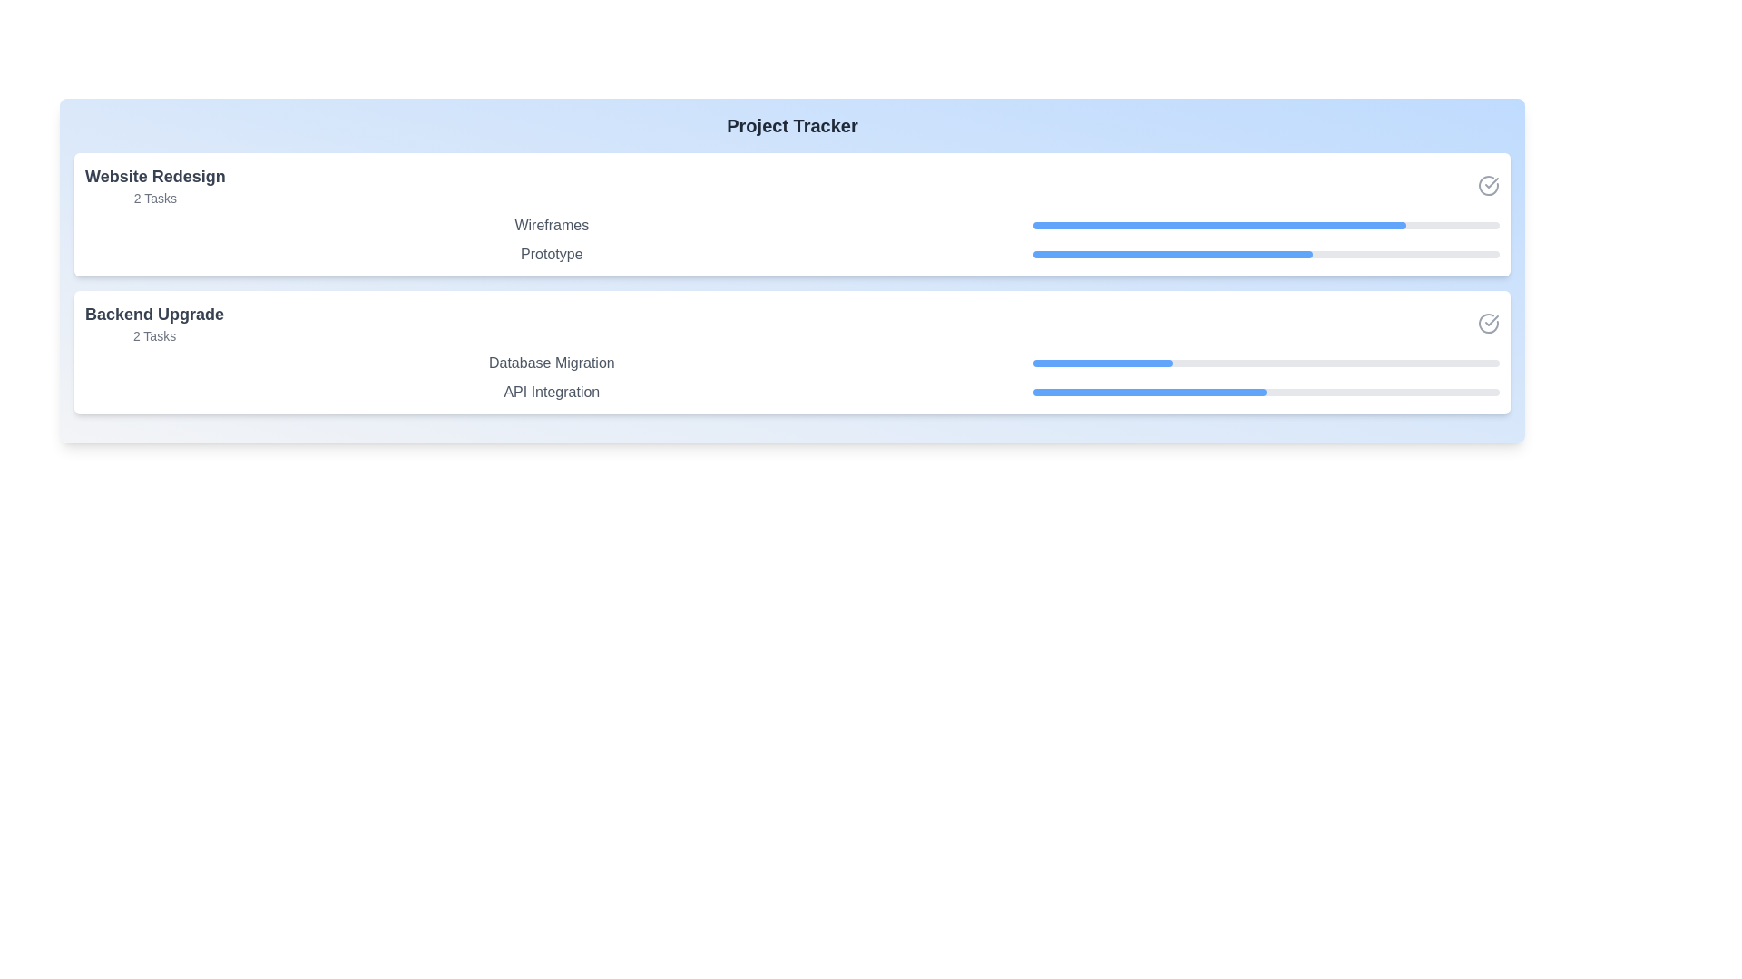 The width and height of the screenshot is (1742, 979). What do you see at coordinates (1265, 391) in the screenshot?
I see `the thin horizontal progress bar indicating 50% completion, which is aligned with the 'API Integration' label and is the second progress bar in the 'Backend Upgrade' section of the 'Project Tracker' interface` at bounding box center [1265, 391].